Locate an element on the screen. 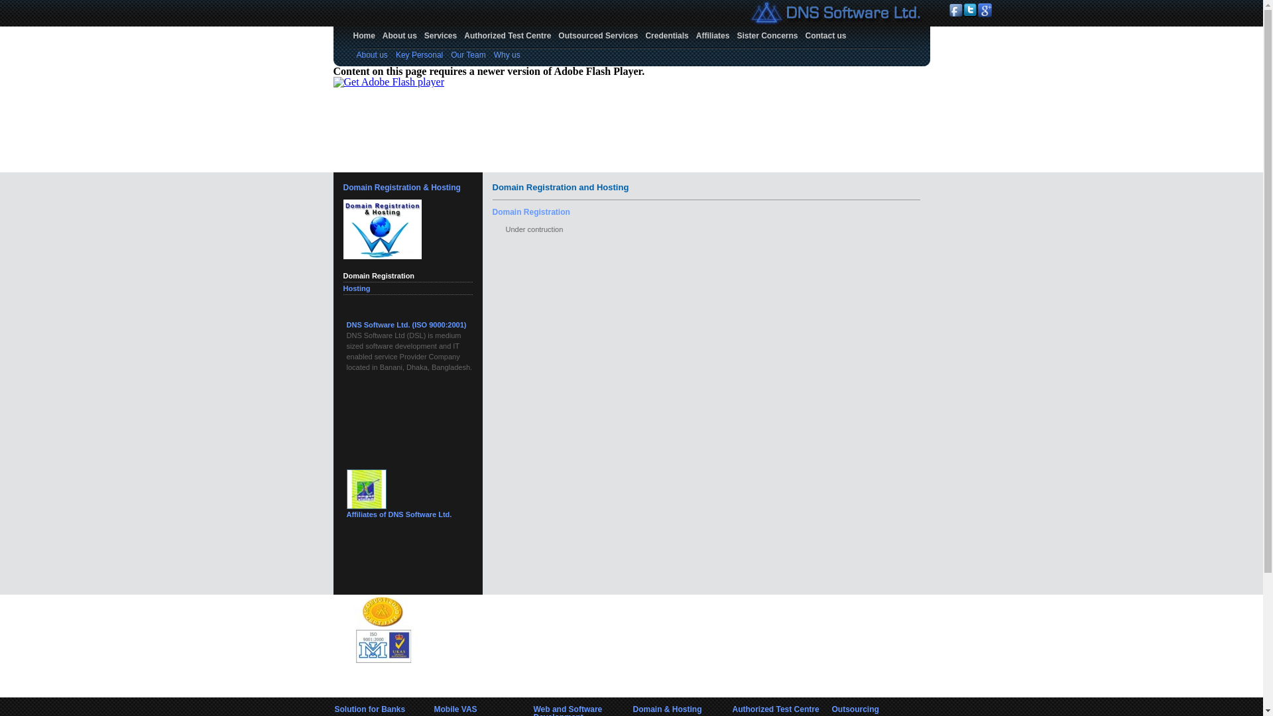 This screenshot has width=1273, height=716. 'Outsourced Services' is located at coordinates (597, 35).